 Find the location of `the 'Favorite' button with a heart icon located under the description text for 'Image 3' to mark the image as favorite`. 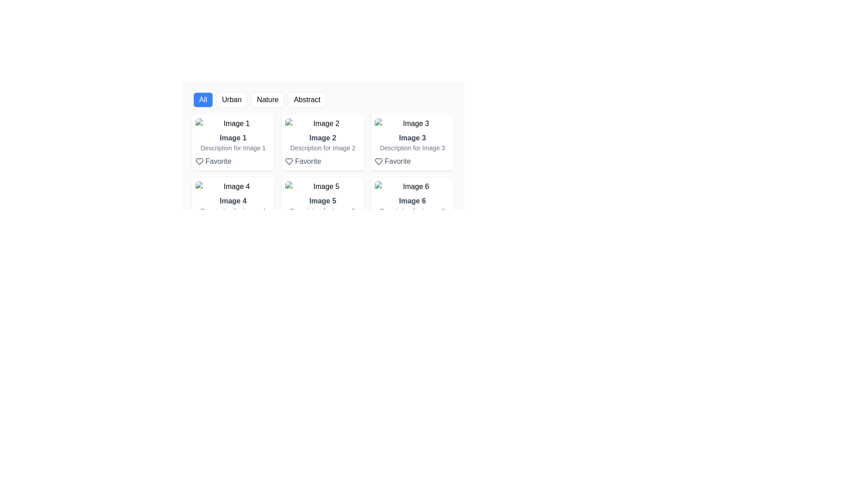

the 'Favorite' button with a heart icon located under the description text for 'Image 3' to mark the image as favorite is located at coordinates (392, 161).